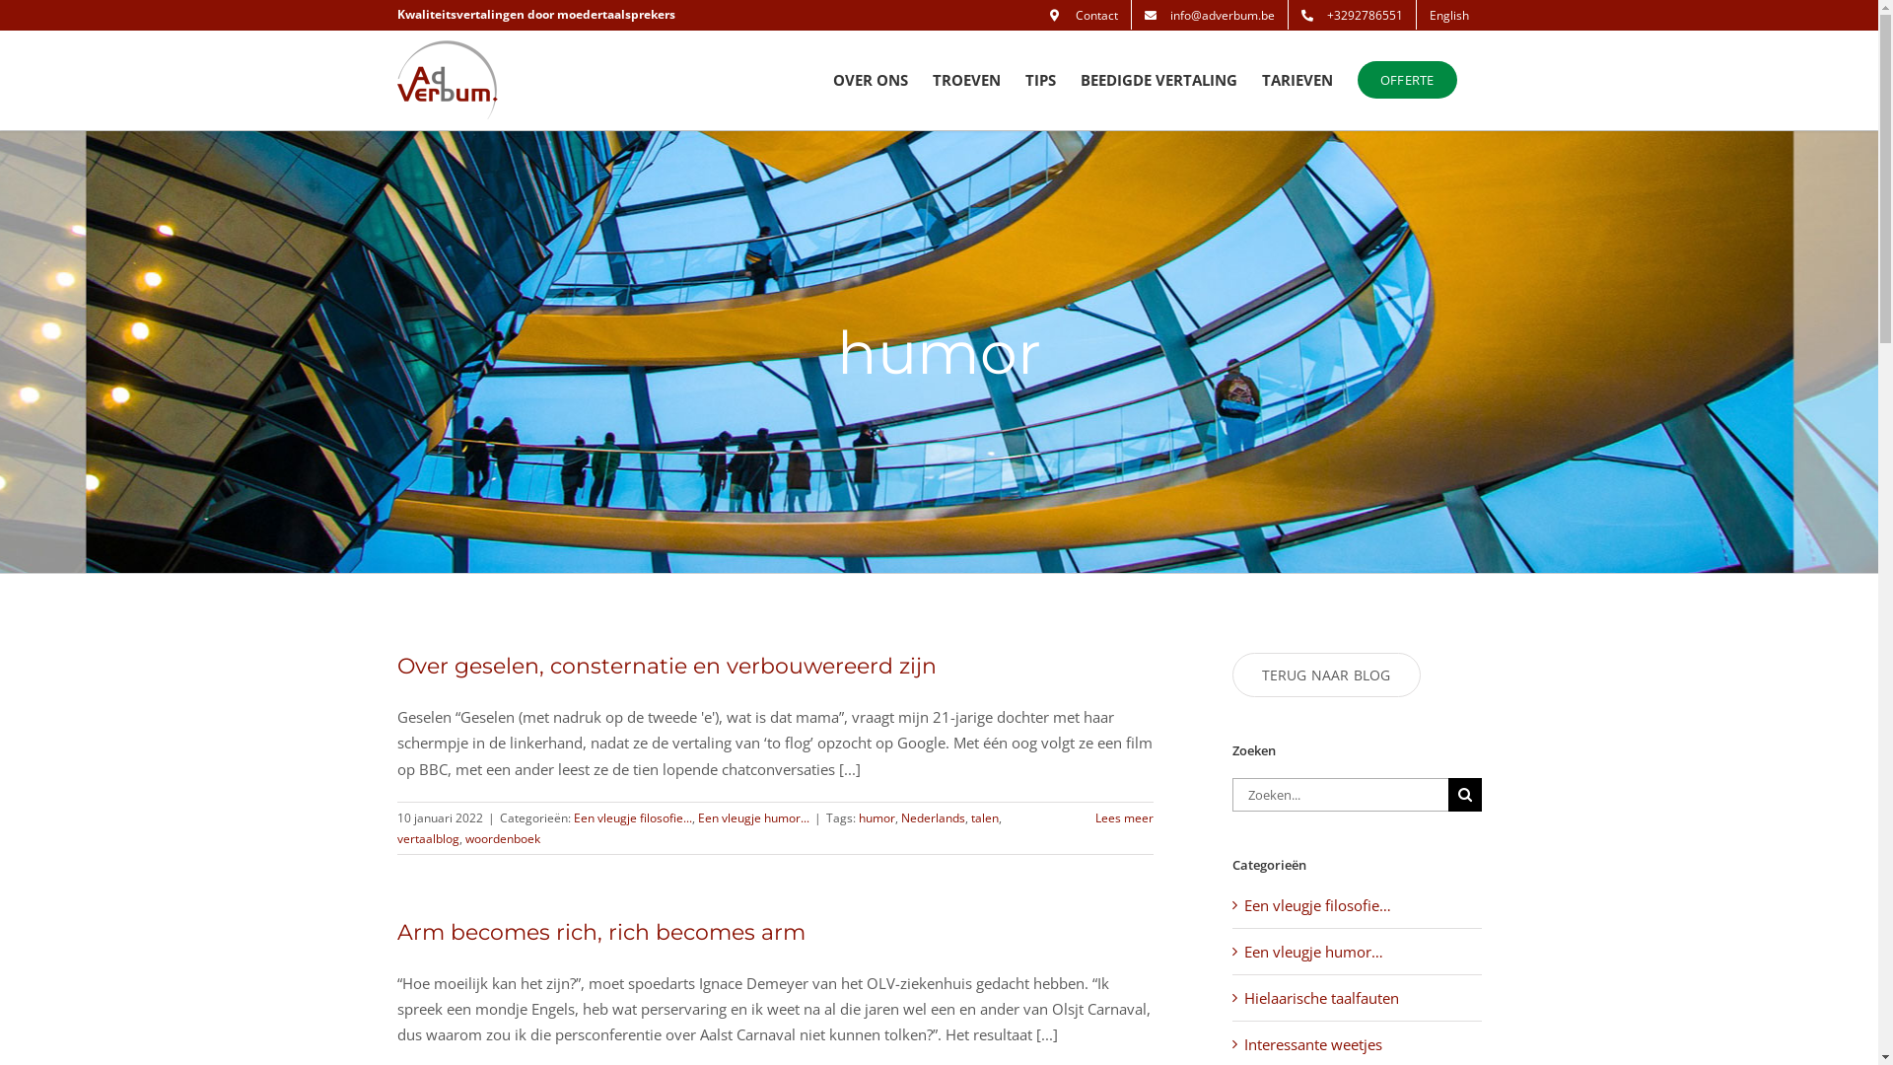  Describe the element at coordinates (1083, 15) in the screenshot. I see `'Contact'` at that location.